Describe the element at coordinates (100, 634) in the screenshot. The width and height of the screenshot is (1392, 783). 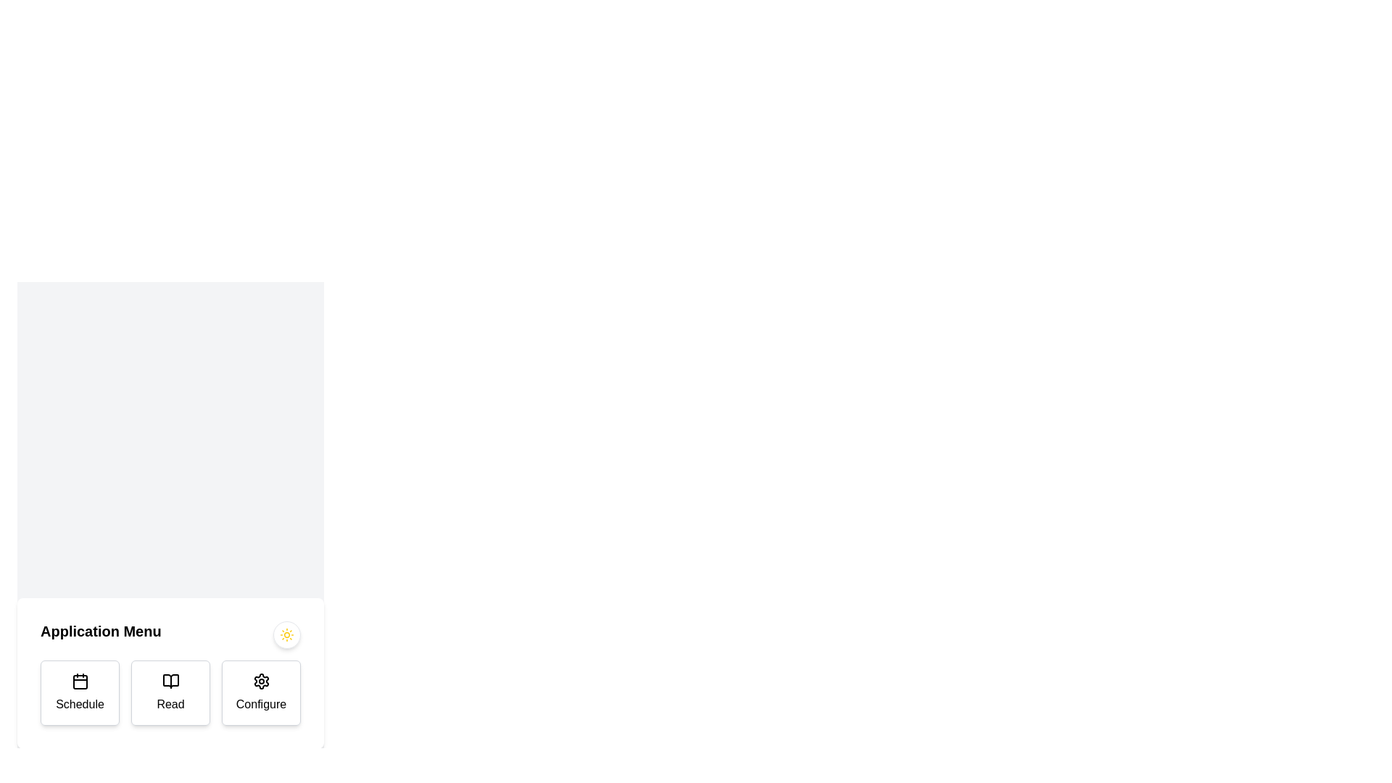
I see `the title or label text element located at the left side of the top interface section, which provides context or identification` at that location.